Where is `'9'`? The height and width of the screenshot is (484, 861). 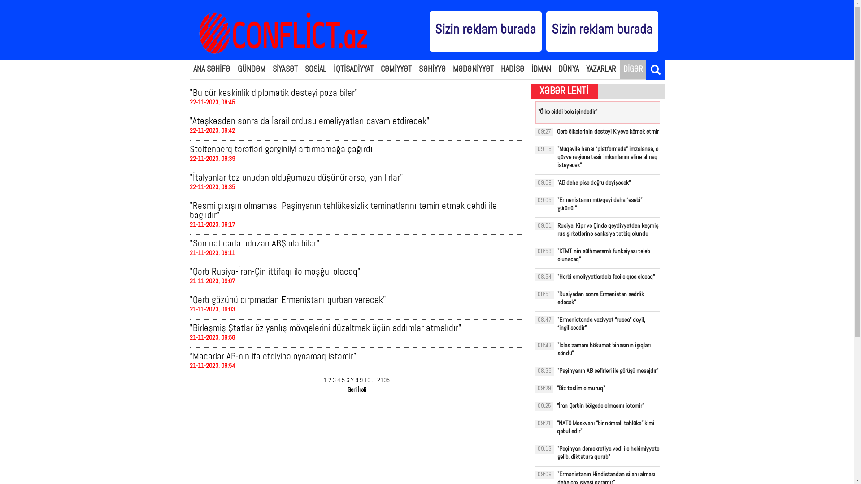
'9' is located at coordinates (361, 380).